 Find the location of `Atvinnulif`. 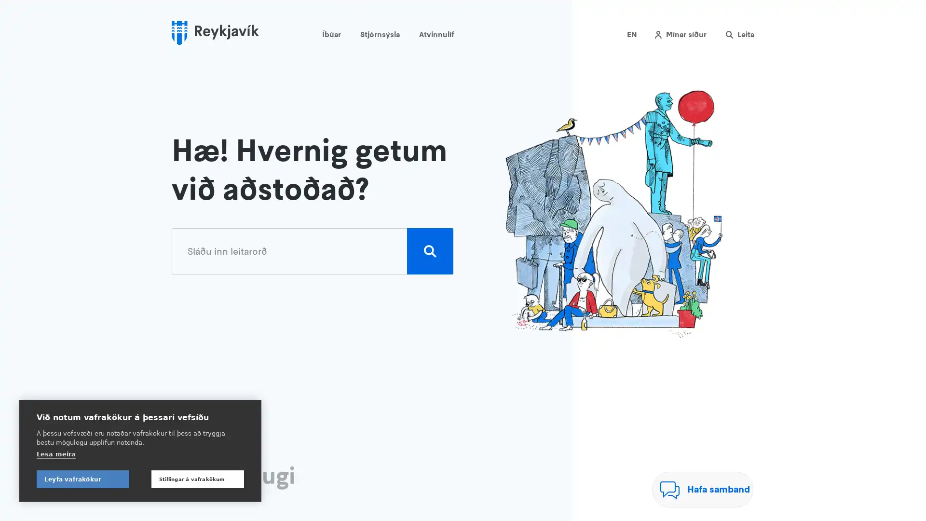

Atvinnulif is located at coordinates (436, 32).